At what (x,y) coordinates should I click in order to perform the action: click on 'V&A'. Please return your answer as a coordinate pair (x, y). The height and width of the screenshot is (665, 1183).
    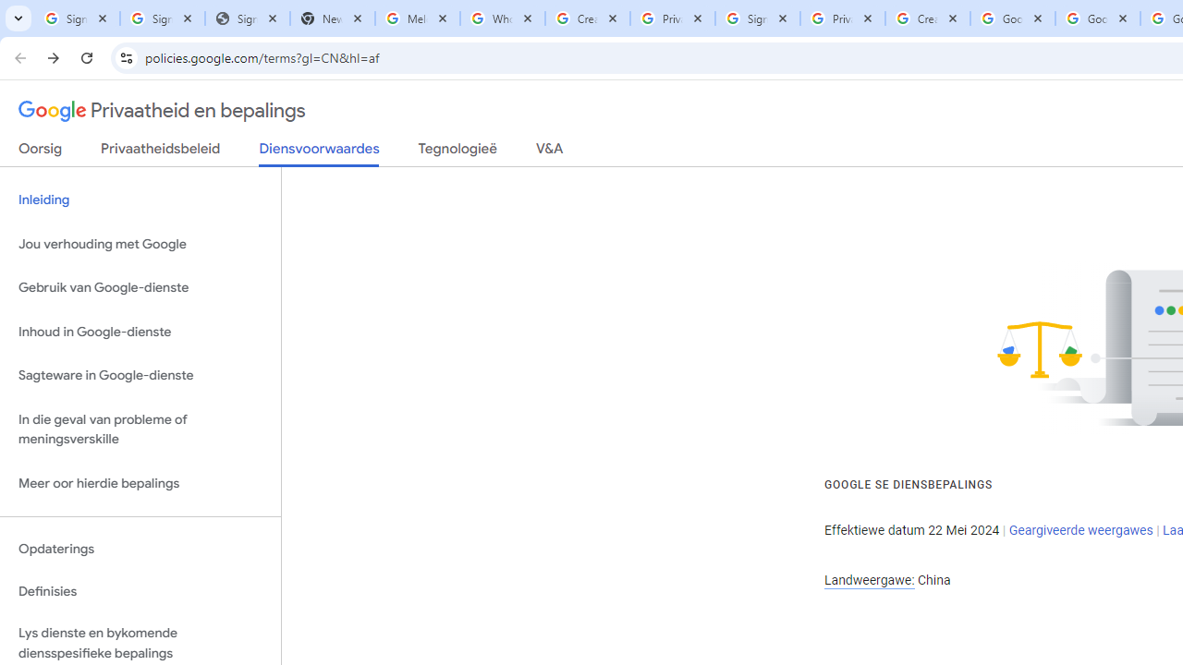
    Looking at the image, I should click on (548, 151).